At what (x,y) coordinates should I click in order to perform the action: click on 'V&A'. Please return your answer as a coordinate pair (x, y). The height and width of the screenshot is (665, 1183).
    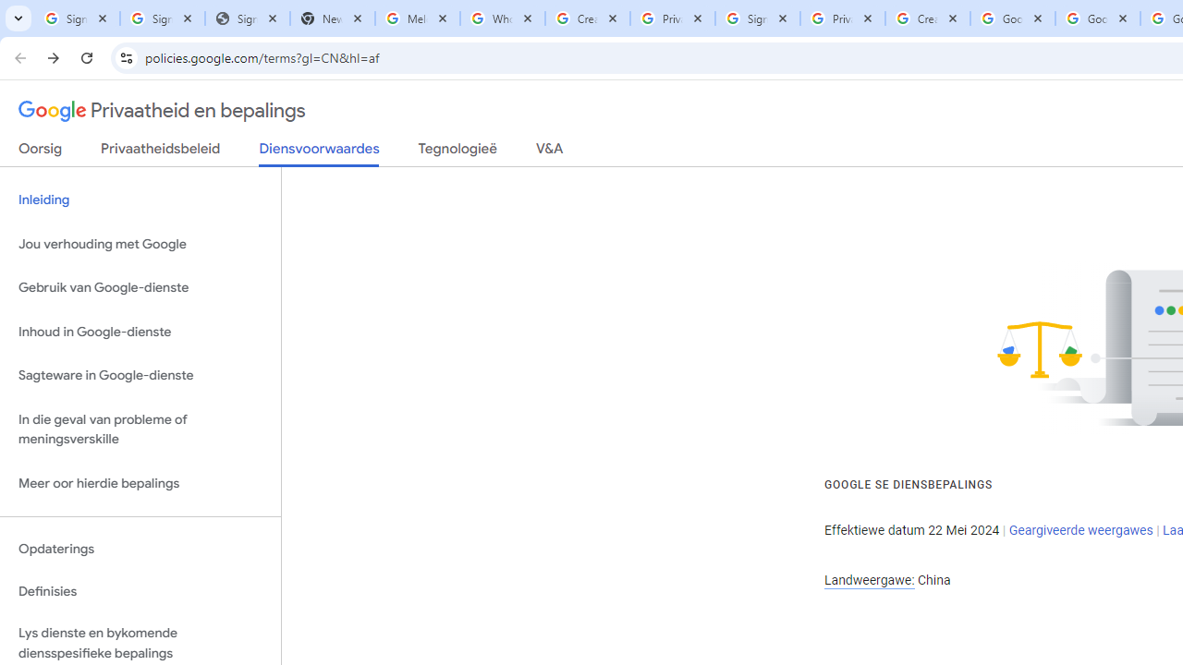
    Looking at the image, I should click on (548, 151).